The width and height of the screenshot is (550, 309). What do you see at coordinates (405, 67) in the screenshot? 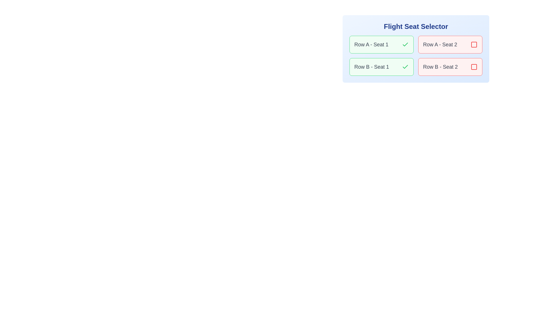
I see `the checkmark icon indicating the selection of 'Row B - Seat 1'` at bounding box center [405, 67].